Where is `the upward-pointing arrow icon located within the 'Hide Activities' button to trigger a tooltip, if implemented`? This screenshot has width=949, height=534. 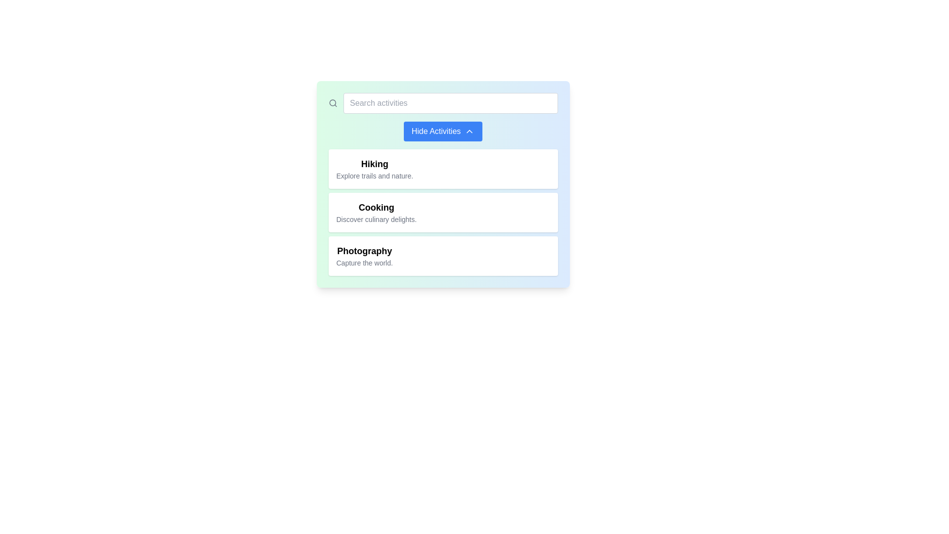 the upward-pointing arrow icon located within the 'Hide Activities' button to trigger a tooltip, if implemented is located at coordinates (469, 131).